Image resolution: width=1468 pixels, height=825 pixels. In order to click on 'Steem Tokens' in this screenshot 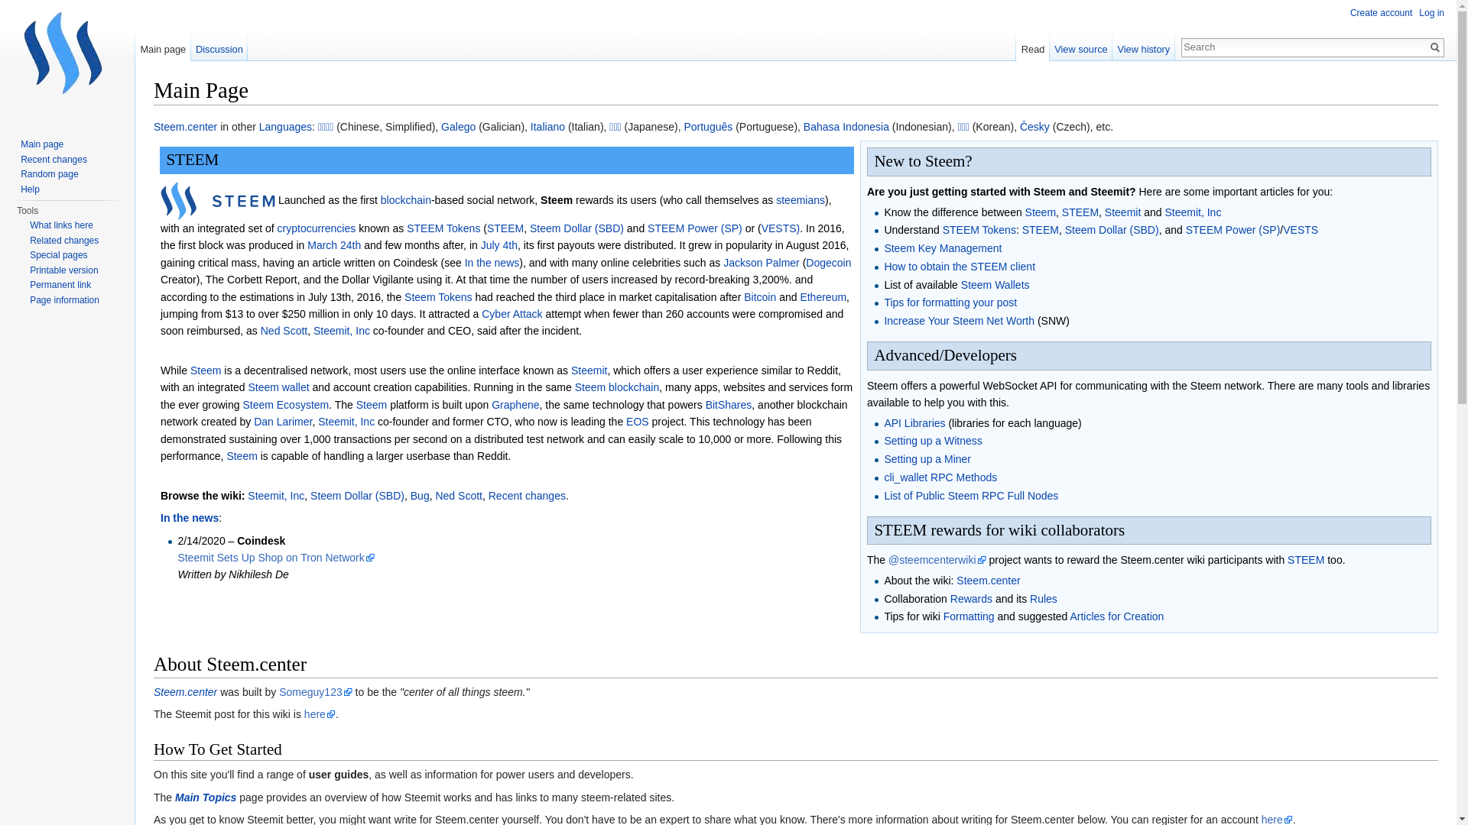, I will do `click(404, 296)`.